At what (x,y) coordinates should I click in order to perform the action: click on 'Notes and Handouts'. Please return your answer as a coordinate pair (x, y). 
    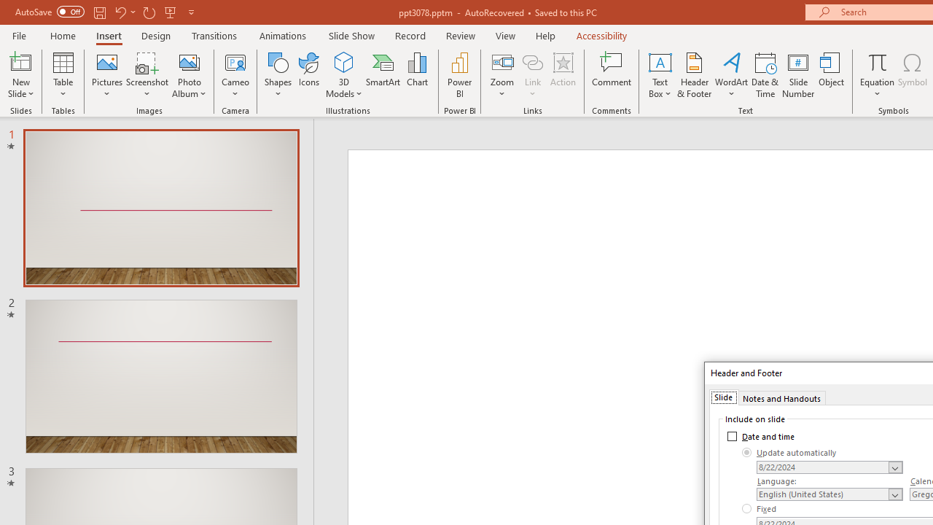
    Looking at the image, I should click on (781, 397).